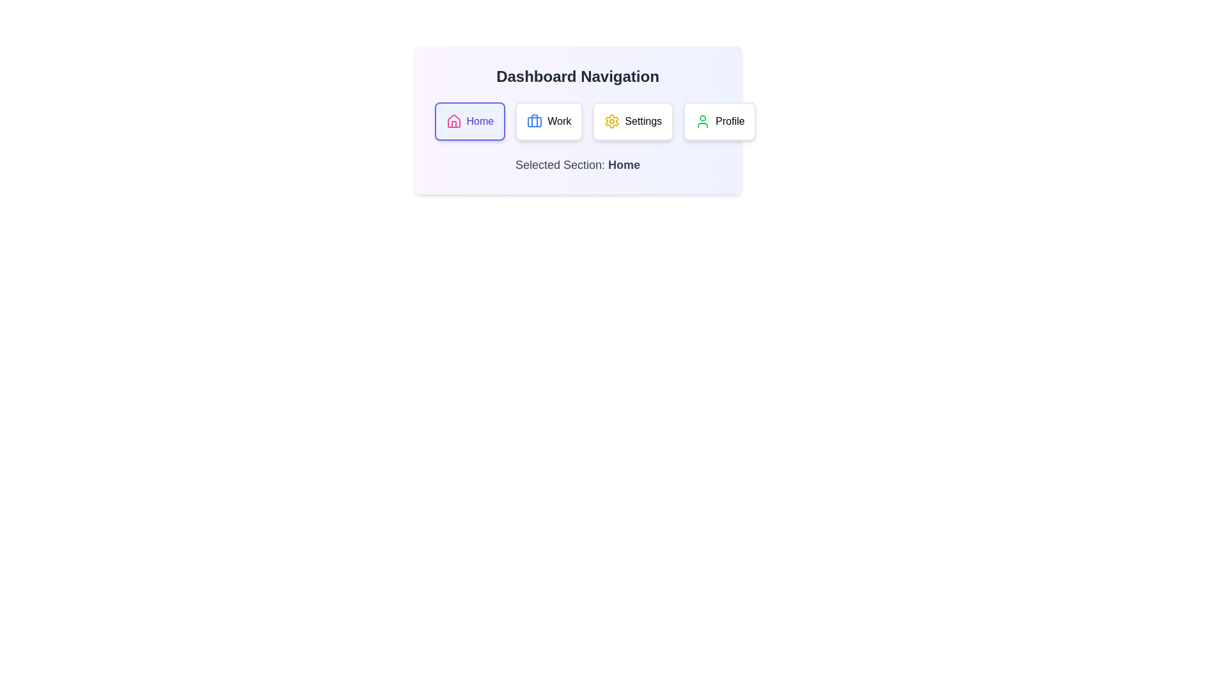 Image resolution: width=1228 pixels, height=691 pixels. What do you see at coordinates (453, 124) in the screenshot?
I see `the lower portion of the 'Home' icon, which represents the door of the house structure` at bounding box center [453, 124].